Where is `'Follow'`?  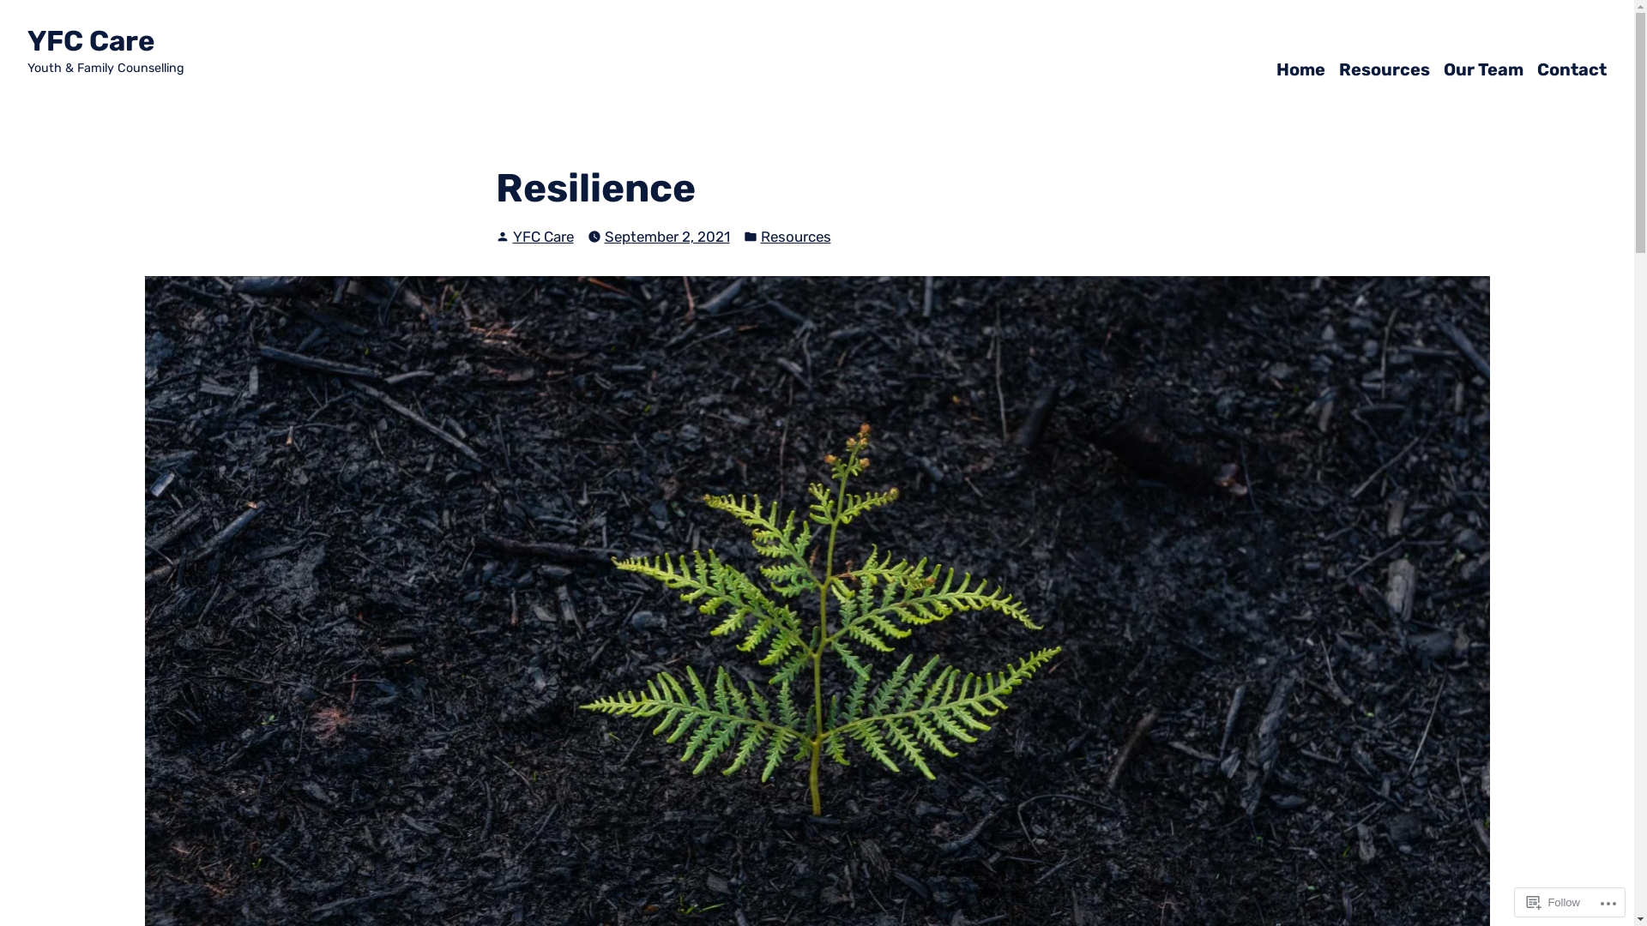 'Follow' is located at coordinates (1553, 901).